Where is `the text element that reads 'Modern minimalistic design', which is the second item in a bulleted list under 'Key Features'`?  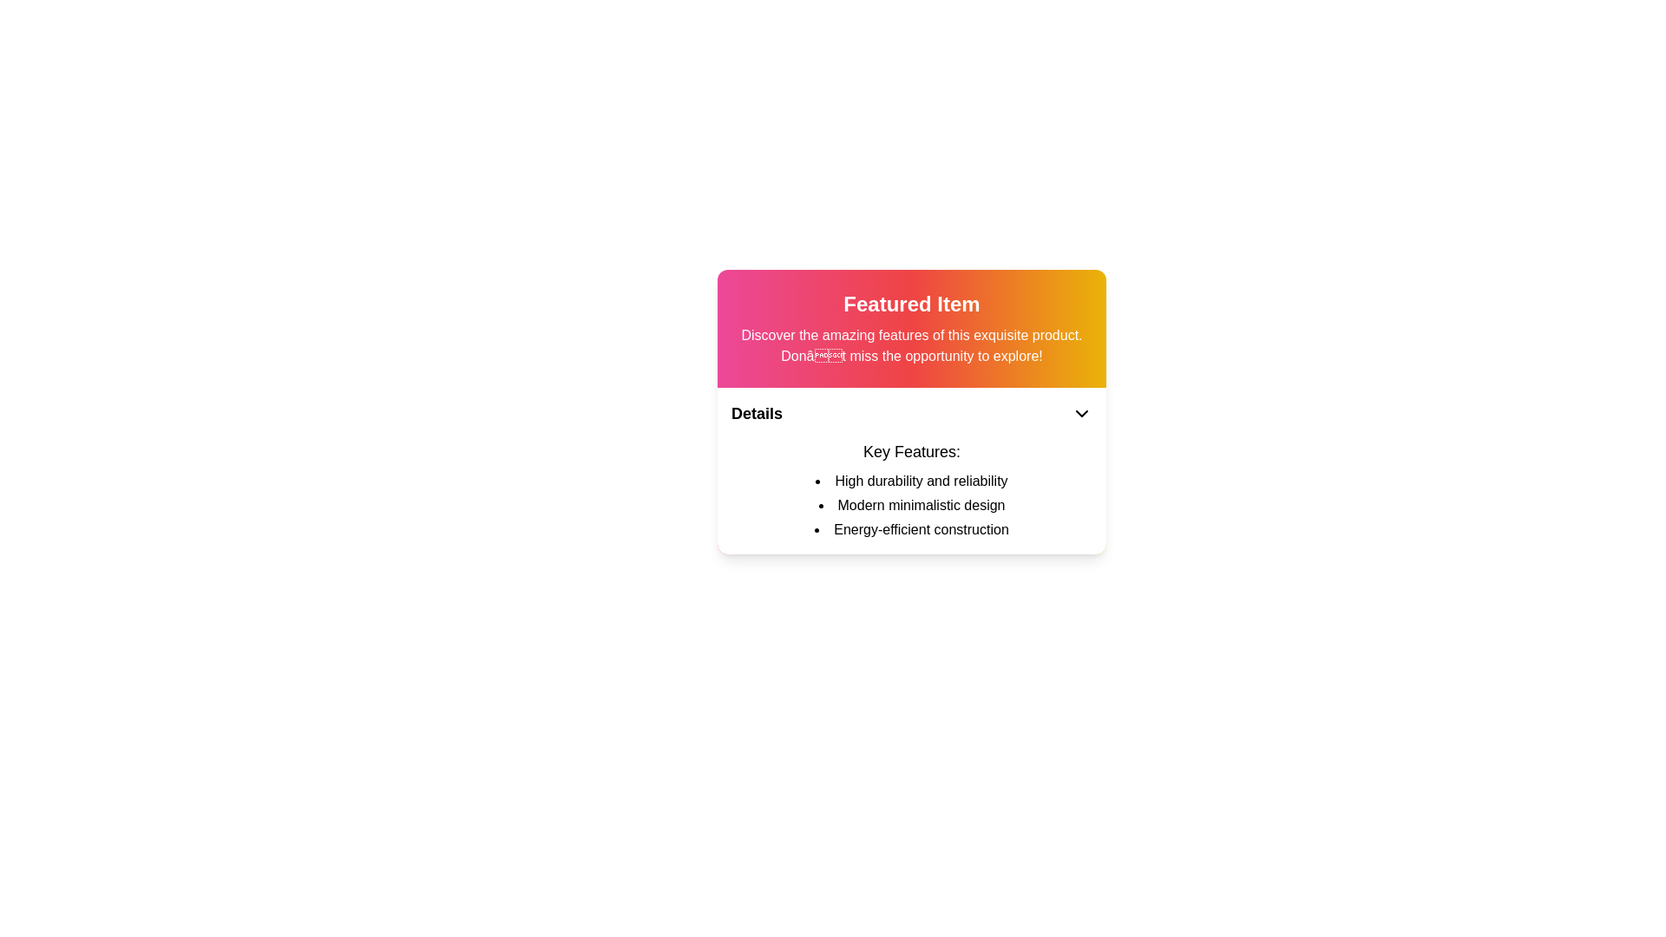
the text element that reads 'Modern minimalistic design', which is the second item in a bulleted list under 'Key Features' is located at coordinates (911, 505).